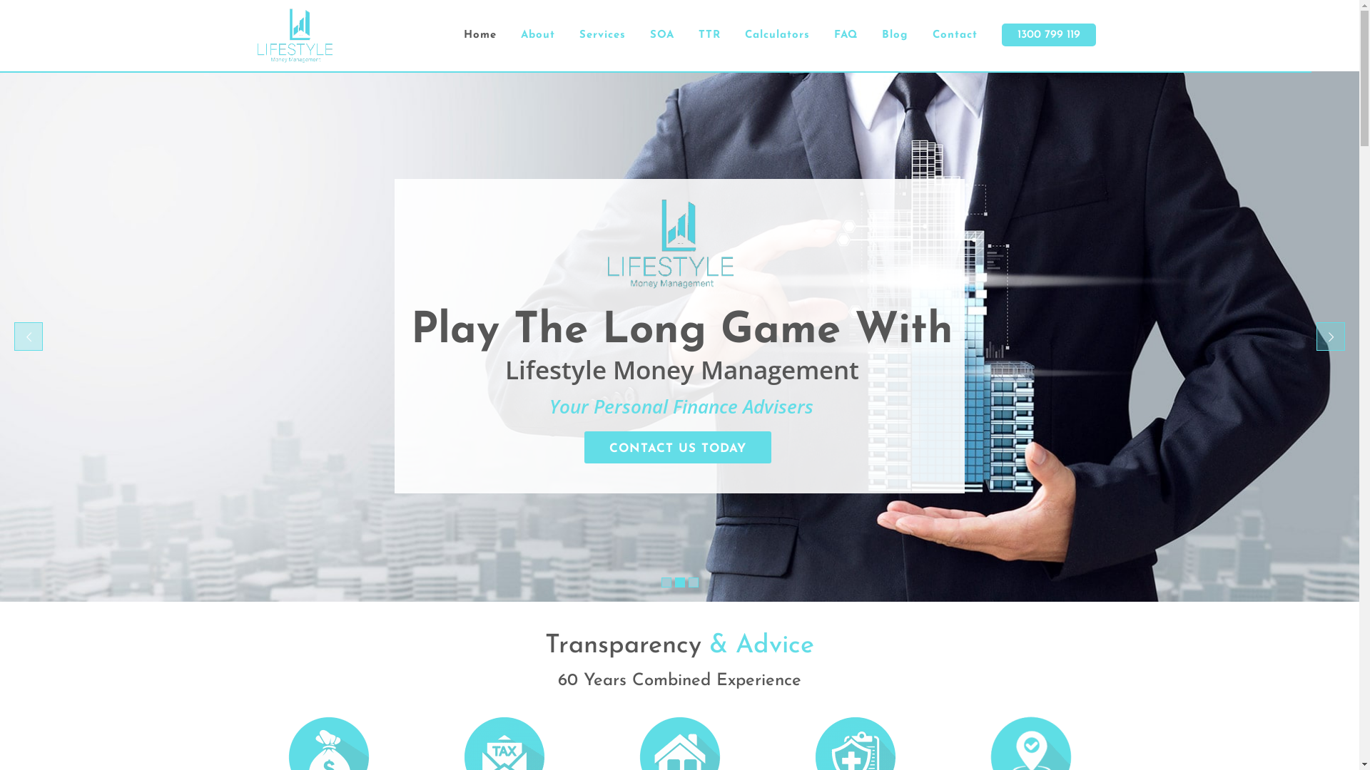 The width and height of the screenshot is (1370, 770). Describe the element at coordinates (776, 35) in the screenshot. I see `'Calculators'` at that location.